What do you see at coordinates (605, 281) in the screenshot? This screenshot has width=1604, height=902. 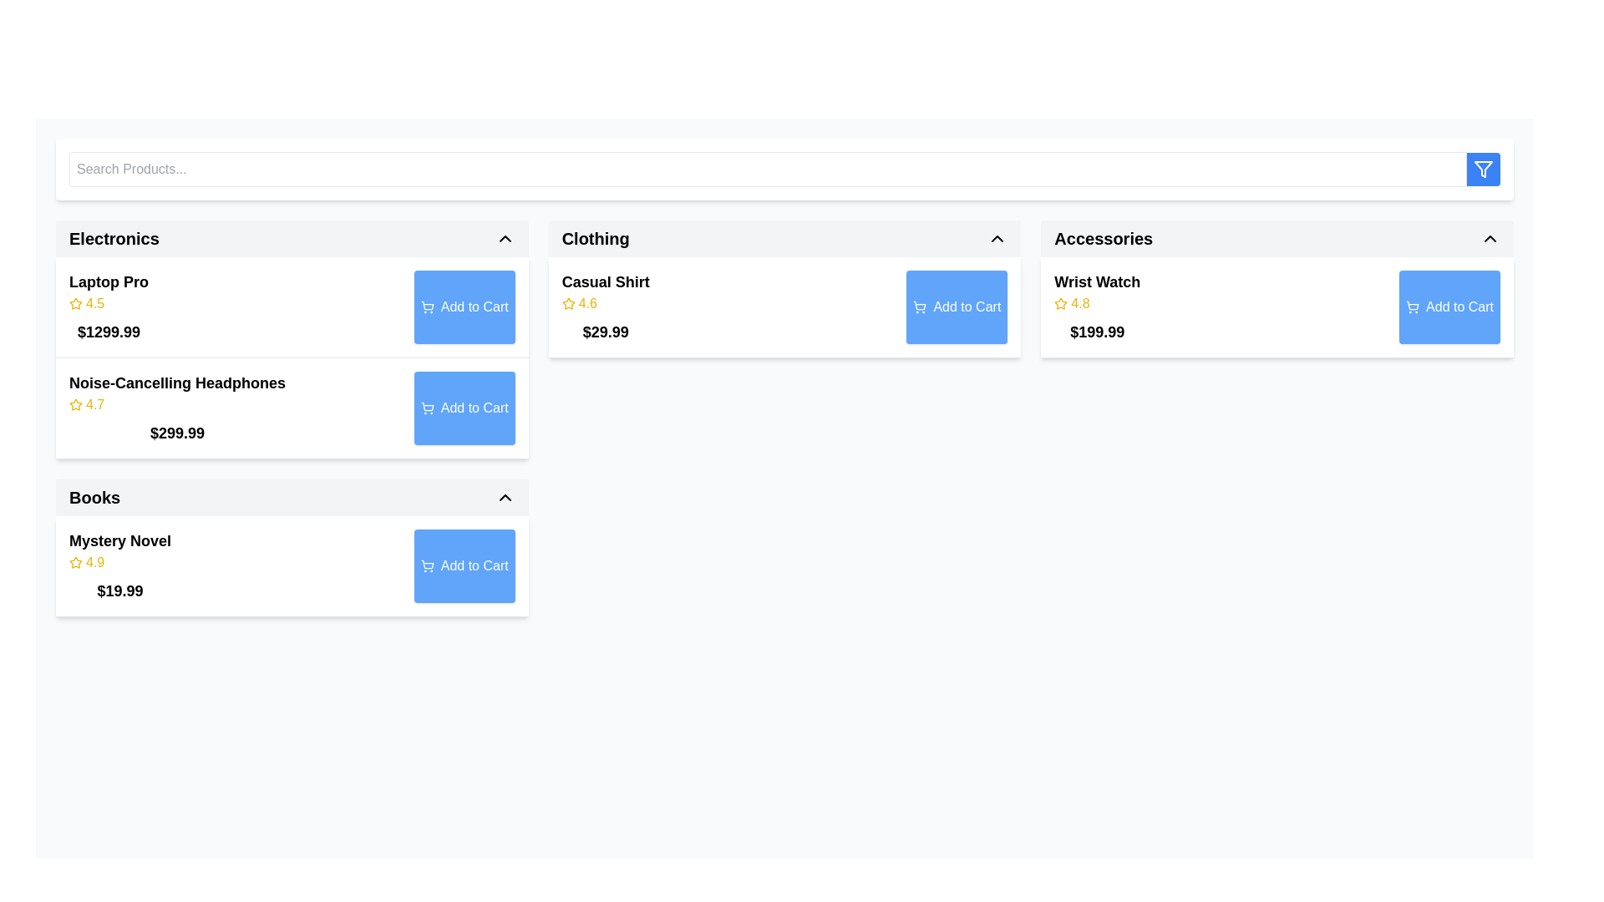 I see `title text label for the product 'Casual Shirt', which is positioned above the rating '4.6' and aligned with the price '$29.99' in the middle column of the 'Clothing' category` at bounding box center [605, 281].